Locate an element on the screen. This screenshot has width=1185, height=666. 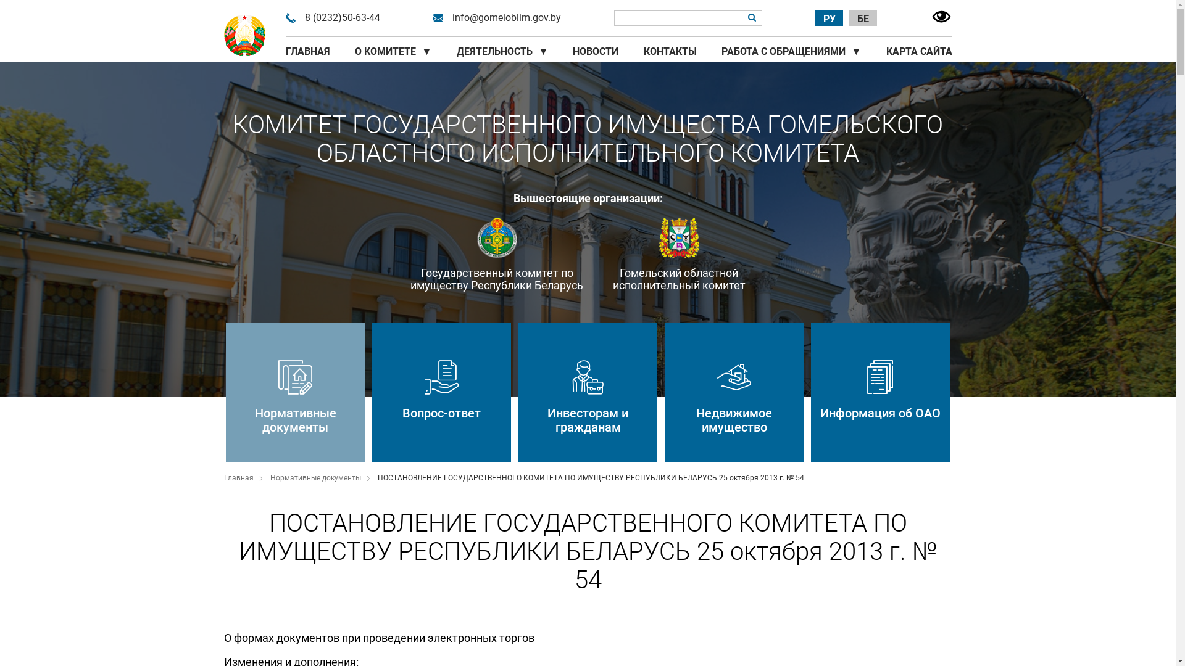
'info@gomeloblim.gov.by' is located at coordinates (506, 18).